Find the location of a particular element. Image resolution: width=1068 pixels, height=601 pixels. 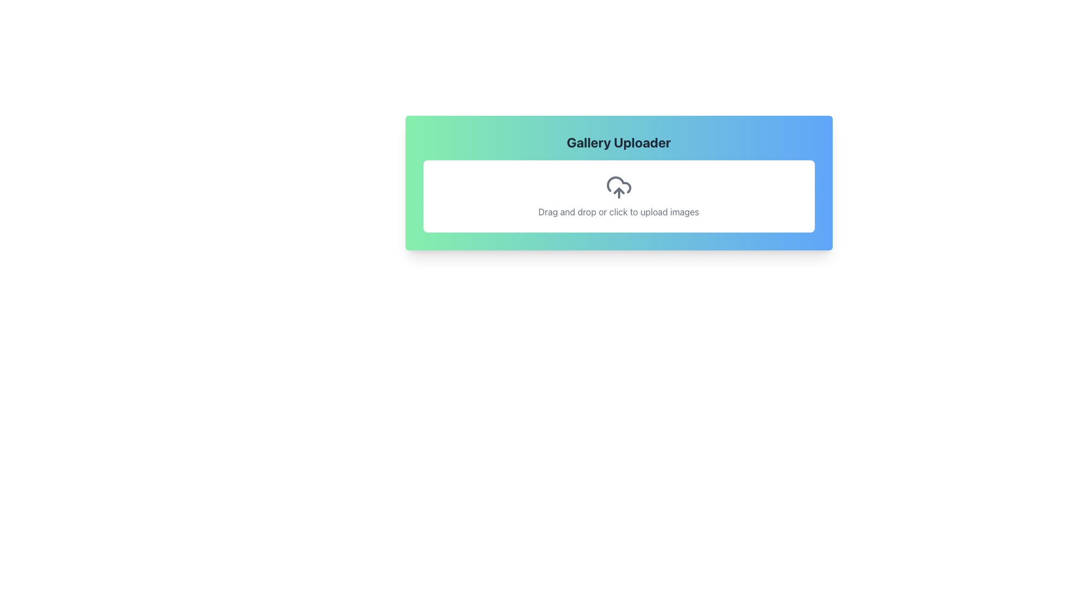

and drop files onto the File upload area with a dashed border and a centered cloud upload icon, located below the title 'Gallery Uploader.' is located at coordinates (618, 196).